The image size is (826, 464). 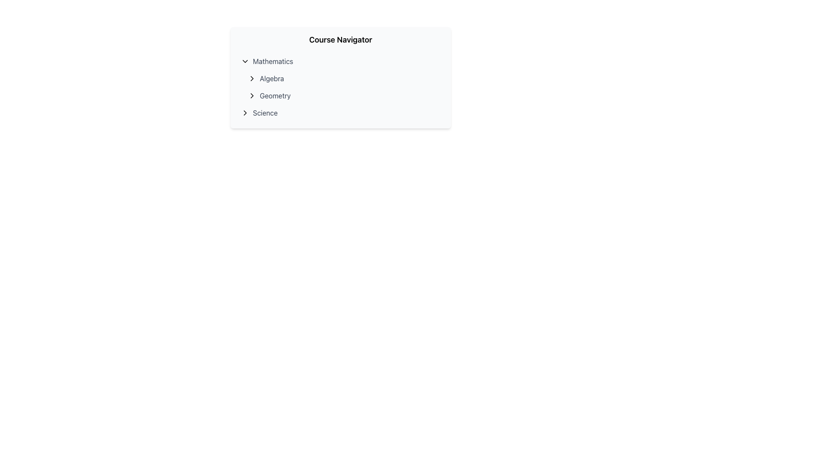 I want to click on the arrow icon indicating an expandable or collapsible node in the Course Navigator panel, next to the 'Geometry' label under 'Mathematics', so click(x=251, y=96).